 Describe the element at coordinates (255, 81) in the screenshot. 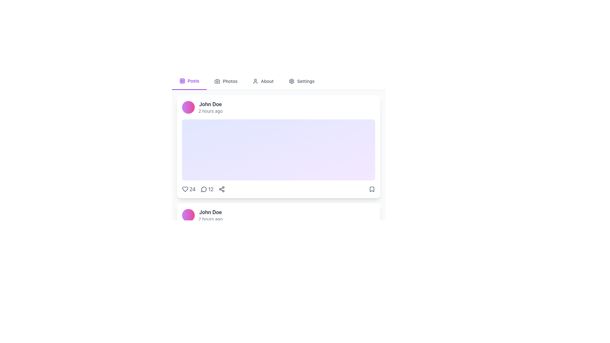

I see `the 'About' icon in the top navigation bar, which is grouped with 'Posts', 'Photos', and 'Settings'` at that location.